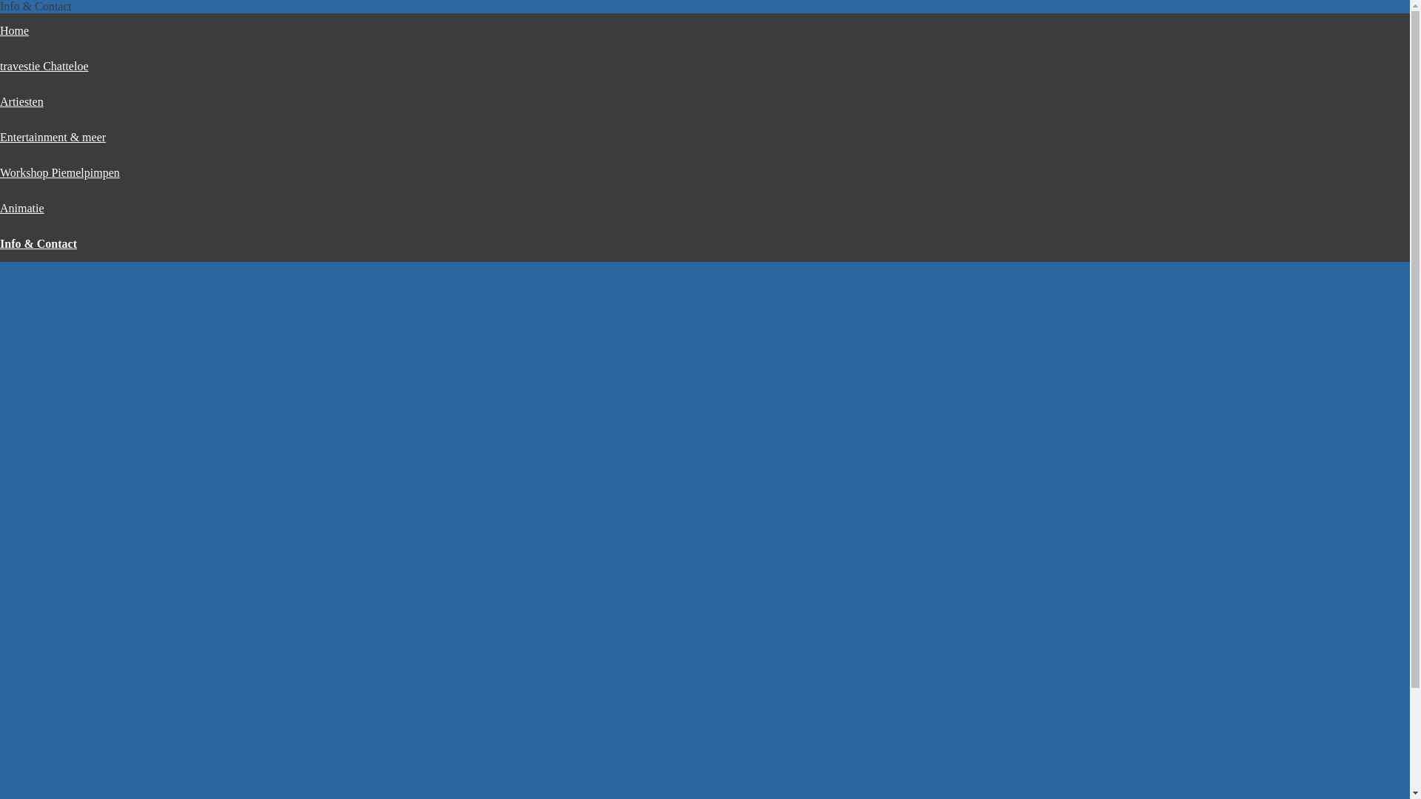 The image size is (1421, 799). What do you see at coordinates (563, 613) in the screenshot?
I see `'Verder'` at bounding box center [563, 613].